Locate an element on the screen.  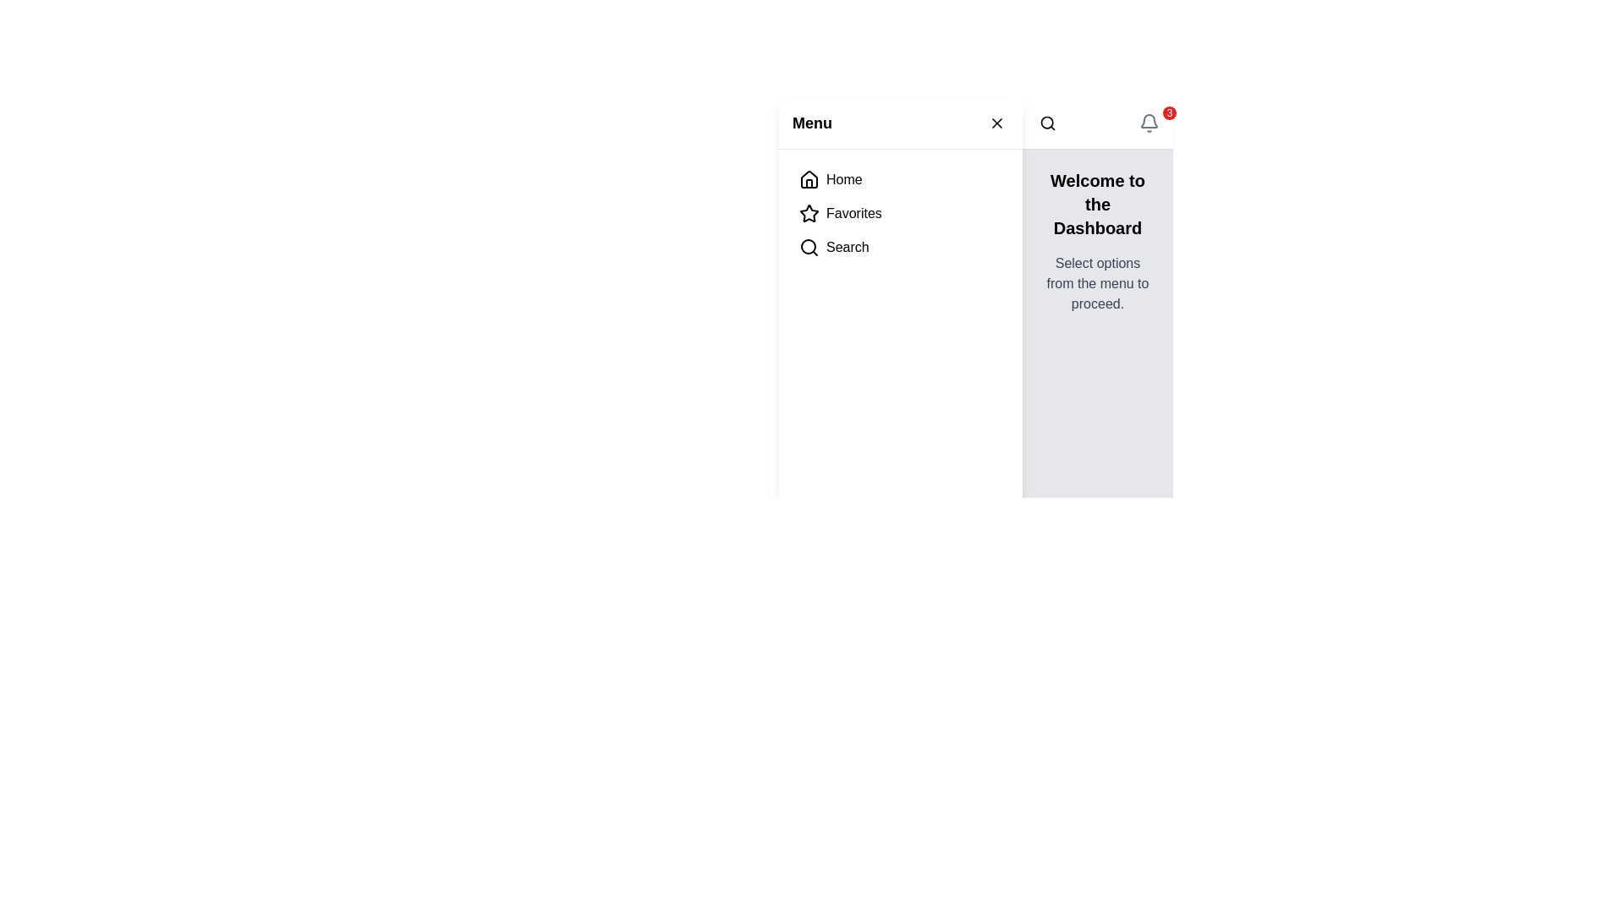
the static text element that presents a welcome and instructional message for the application dashboard, located in the central column of the layout, directly to the right of the vertical menu bar is located at coordinates (1097, 241).